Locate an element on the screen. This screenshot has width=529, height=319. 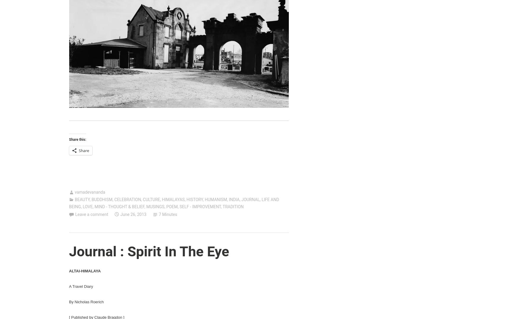
'A Travel Diary' is located at coordinates (69, 286).